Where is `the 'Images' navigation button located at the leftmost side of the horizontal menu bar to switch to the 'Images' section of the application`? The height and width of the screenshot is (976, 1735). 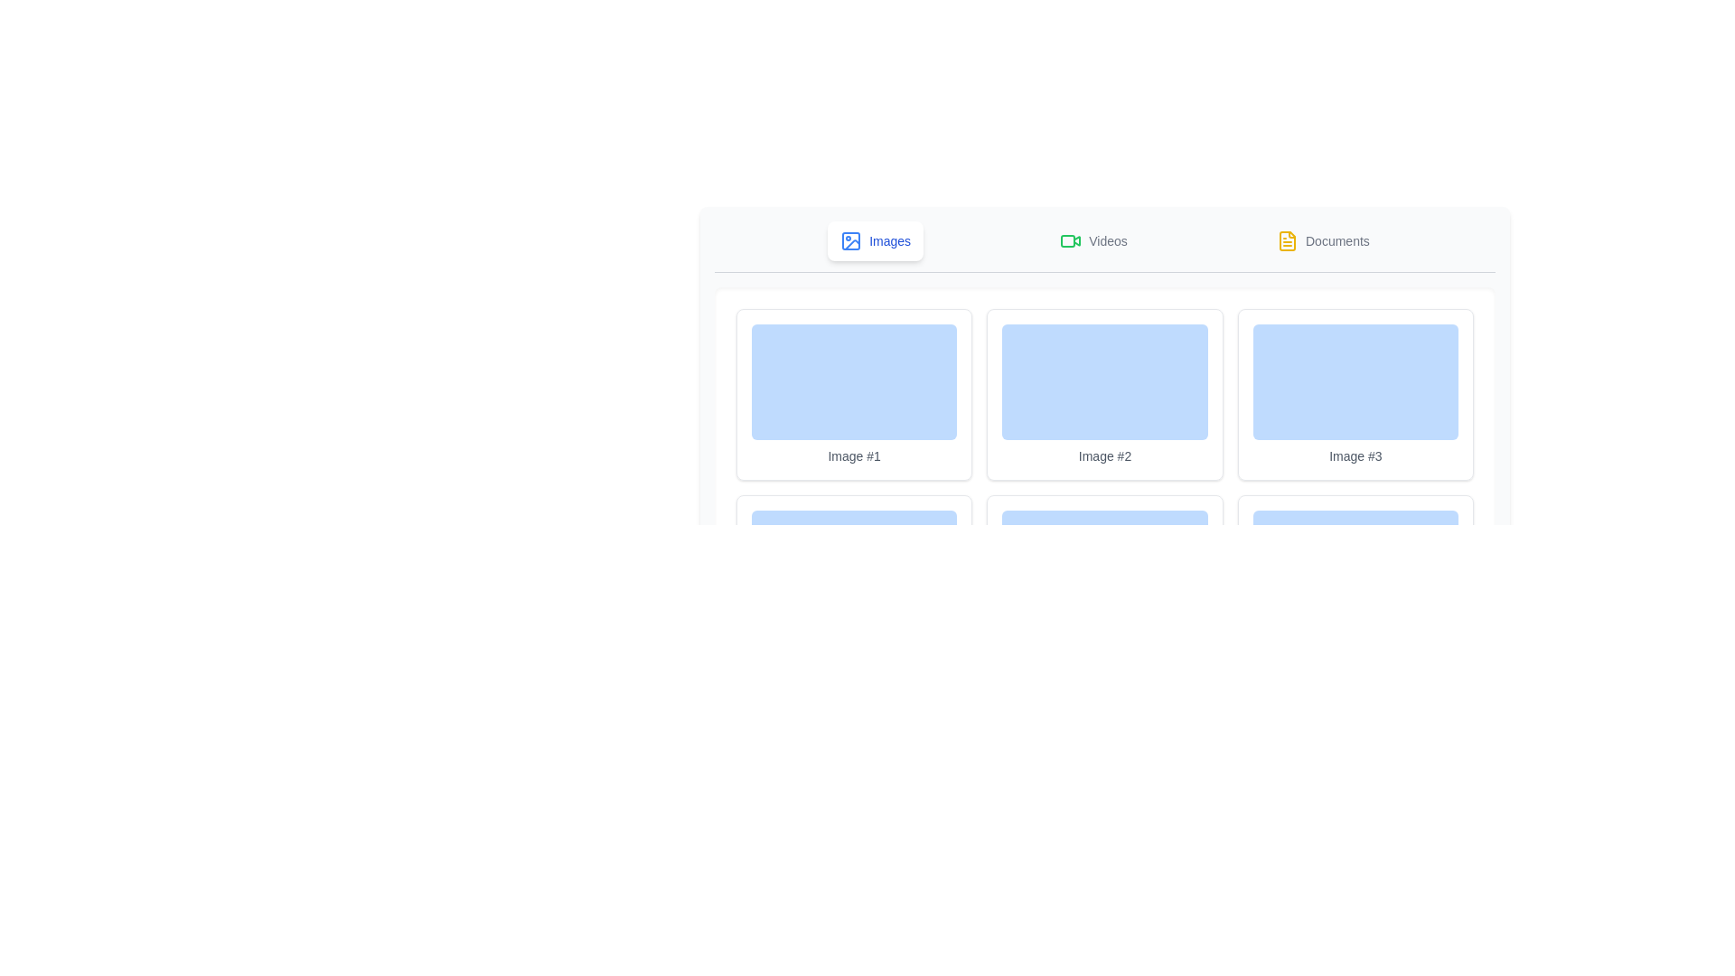
the 'Images' navigation button located at the leftmost side of the horizontal menu bar to switch to the 'Images' section of the application is located at coordinates (876, 239).